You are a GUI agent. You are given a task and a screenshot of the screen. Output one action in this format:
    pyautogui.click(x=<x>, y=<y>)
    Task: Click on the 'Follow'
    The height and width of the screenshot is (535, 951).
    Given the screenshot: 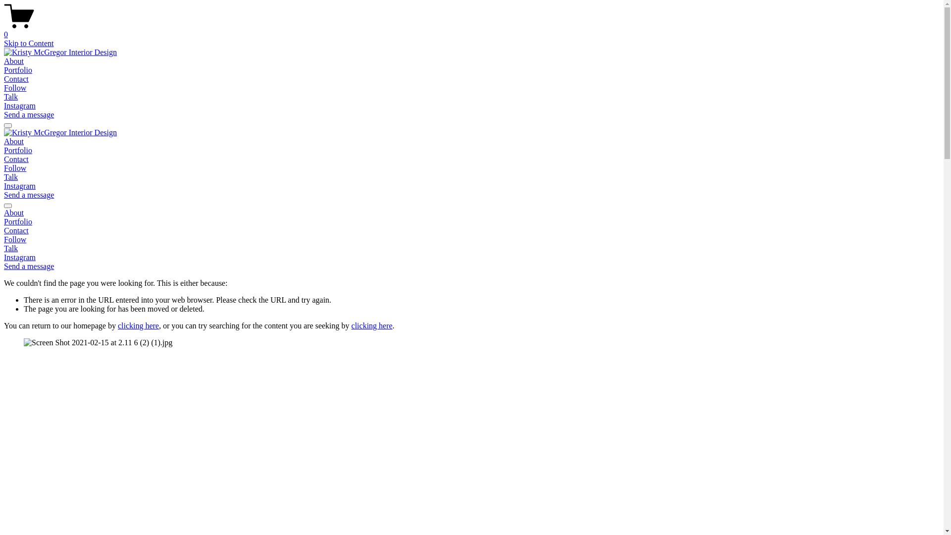 What is the action you would take?
    pyautogui.click(x=15, y=239)
    